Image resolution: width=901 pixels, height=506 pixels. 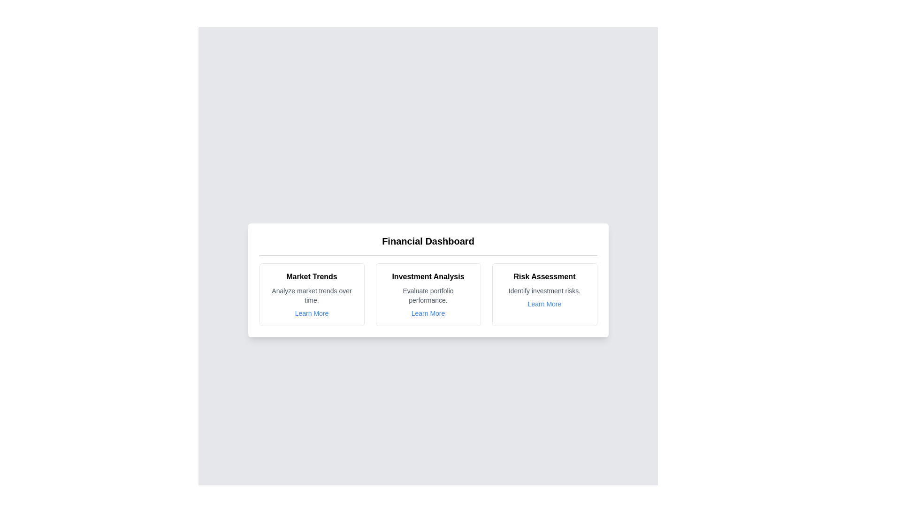 I want to click on the 'Learn More' link for the Market Trends chart card, so click(x=312, y=313).